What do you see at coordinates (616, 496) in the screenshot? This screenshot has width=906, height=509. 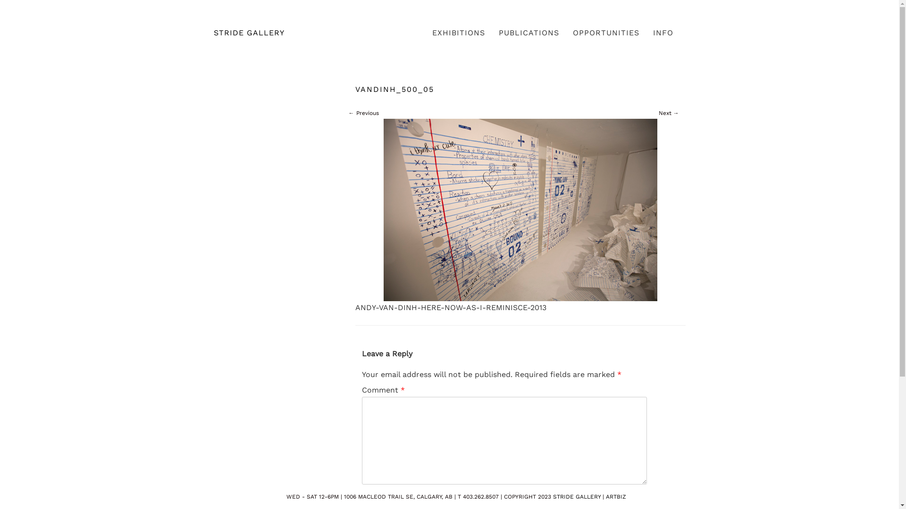 I see `'ARTBIZ'` at bounding box center [616, 496].